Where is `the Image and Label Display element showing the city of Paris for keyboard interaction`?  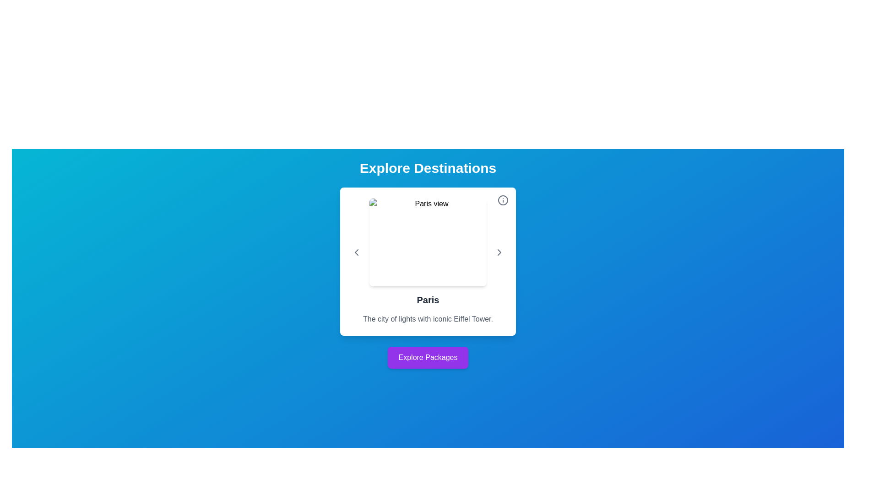
the Image and Label Display element showing the city of Paris for keyboard interaction is located at coordinates (428, 252).